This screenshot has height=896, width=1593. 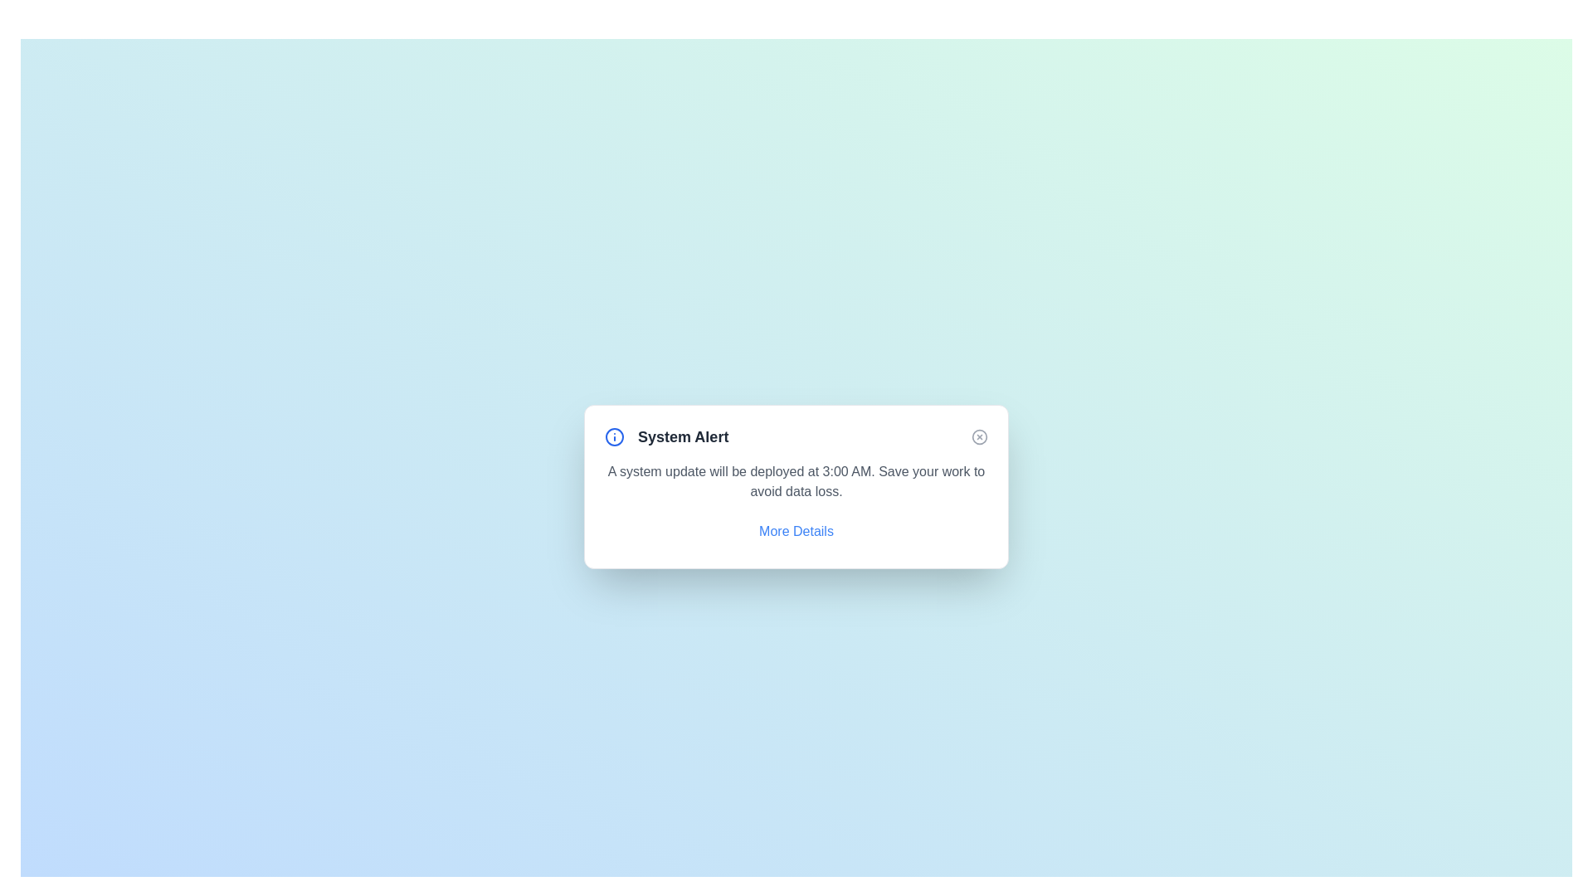 What do you see at coordinates (613, 436) in the screenshot?
I see `the informational icon located in the top-left corner of the modal dialog box, which represents an alert or important information notice` at bounding box center [613, 436].